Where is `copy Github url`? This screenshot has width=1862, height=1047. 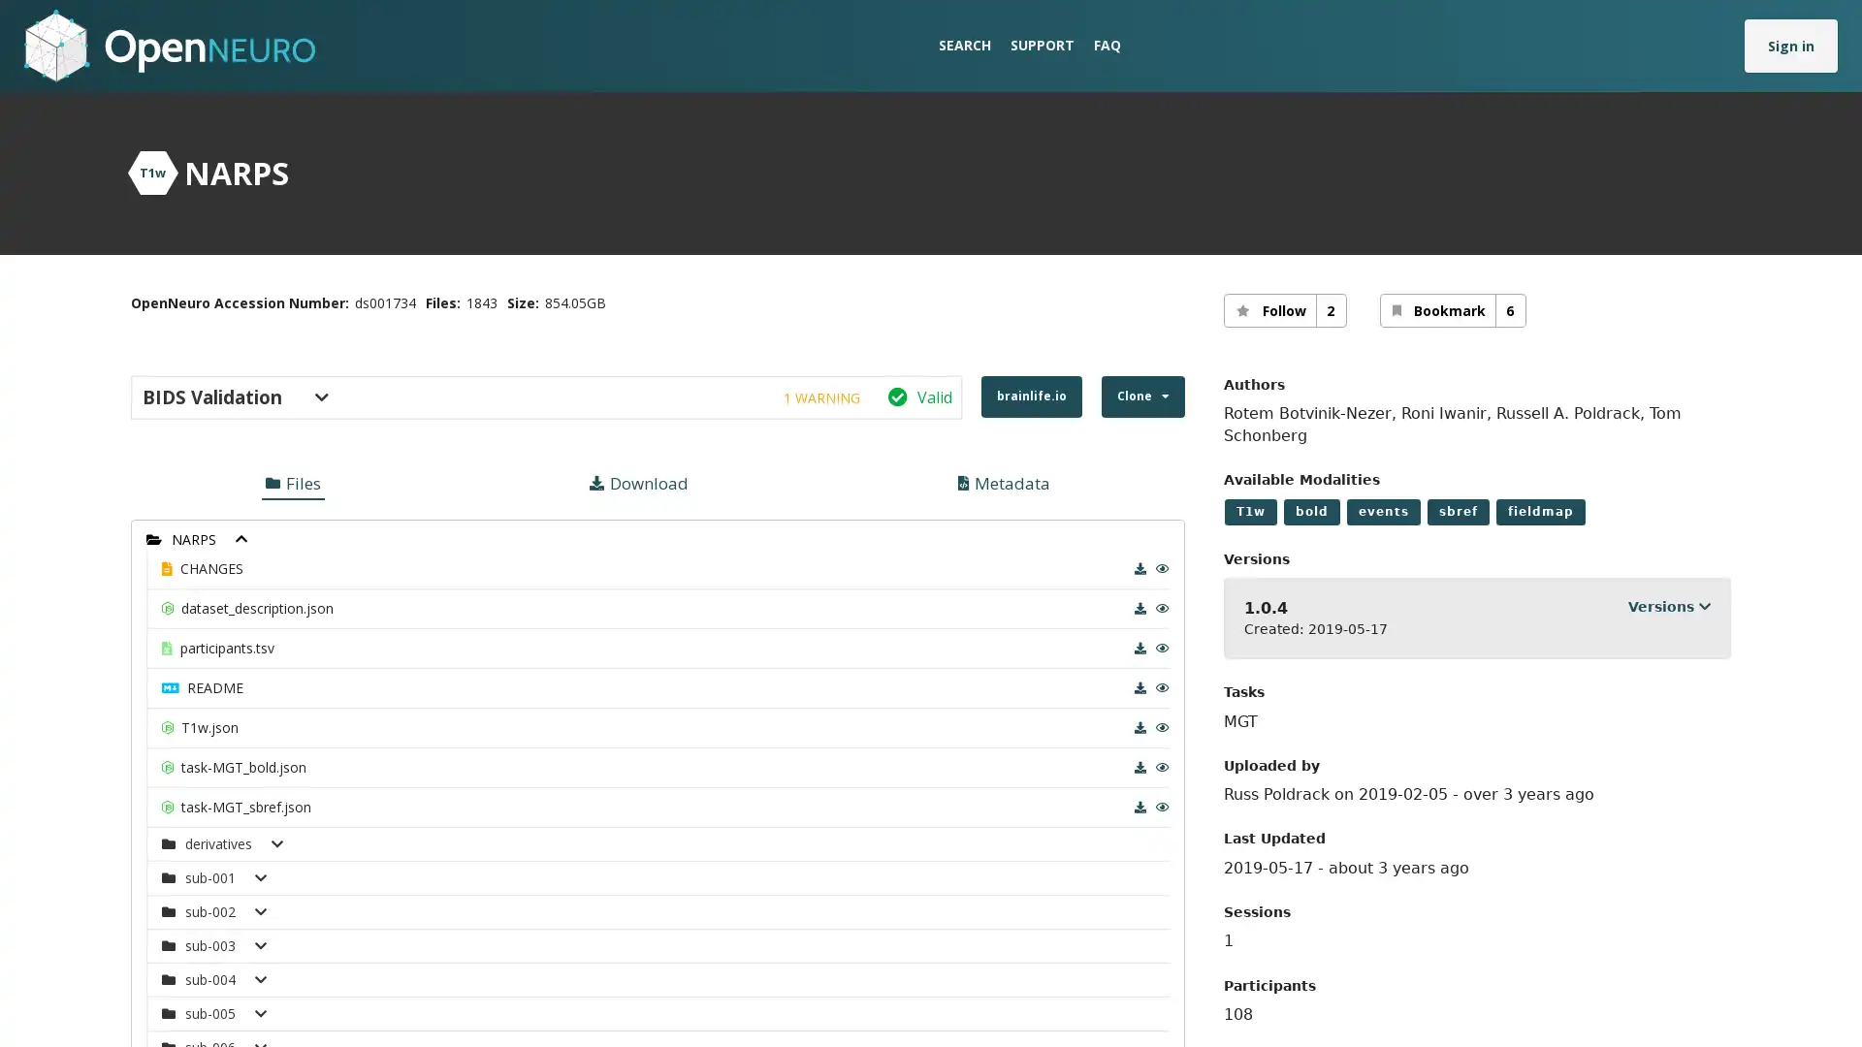 copy Github url is located at coordinates (825, 490).